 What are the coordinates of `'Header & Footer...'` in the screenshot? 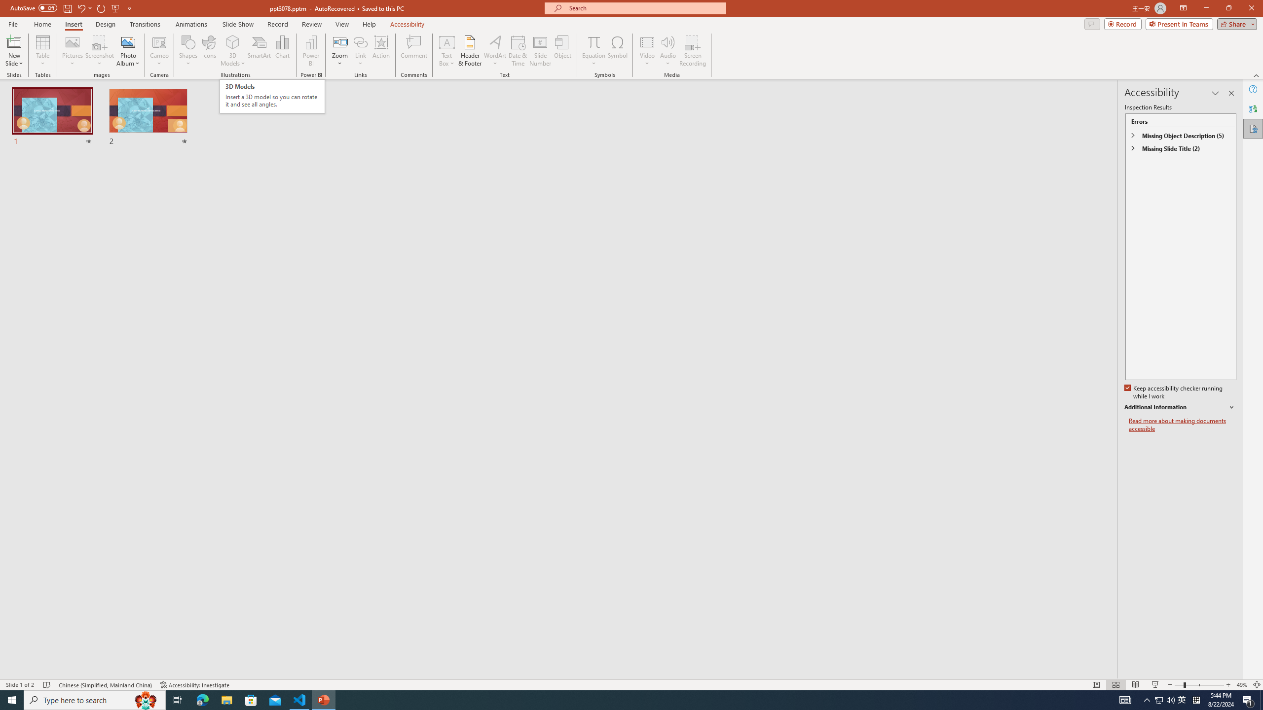 It's located at (469, 51).